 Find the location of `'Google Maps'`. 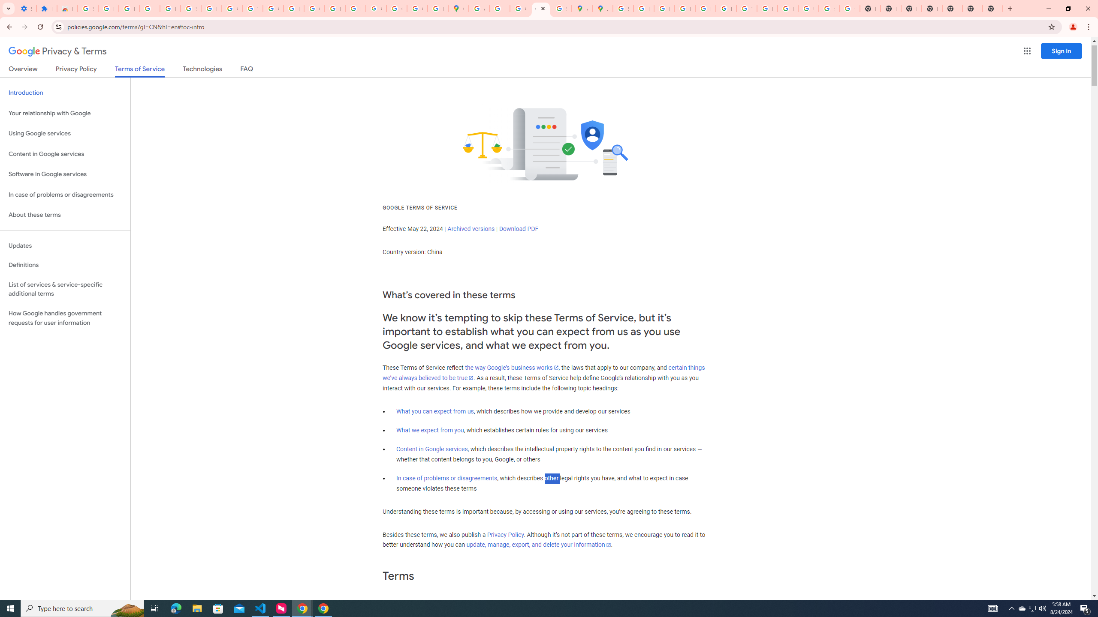

'Google Maps' is located at coordinates (458, 8).